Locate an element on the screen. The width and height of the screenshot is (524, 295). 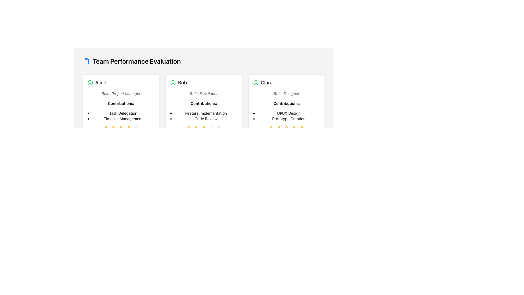
the third star icon filled with golden yellow color in the rating section of Clara's card is located at coordinates (286, 129).